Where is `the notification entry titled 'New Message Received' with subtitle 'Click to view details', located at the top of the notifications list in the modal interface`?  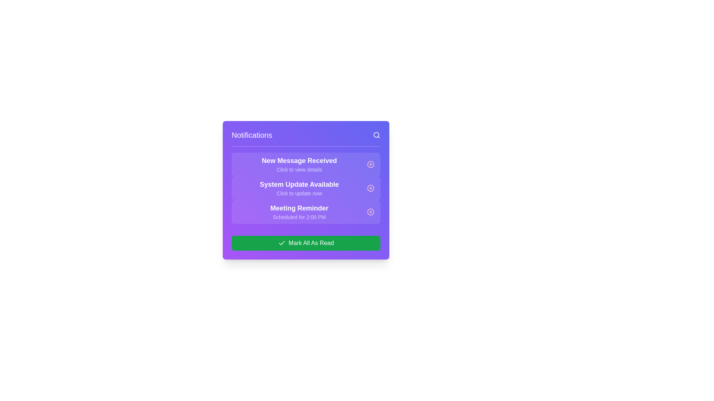 the notification entry titled 'New Message Received' with subtitle 'Click to view details', located at the top of the notifications list in the modal interface is located at coordinates (299, 164).